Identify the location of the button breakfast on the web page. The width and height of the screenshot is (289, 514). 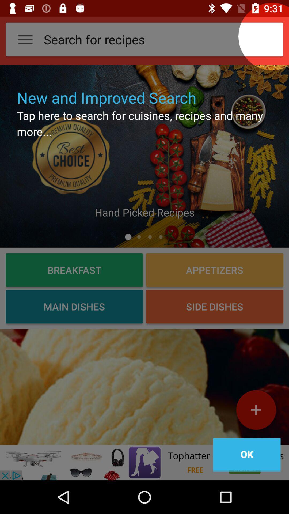
(74, 270).